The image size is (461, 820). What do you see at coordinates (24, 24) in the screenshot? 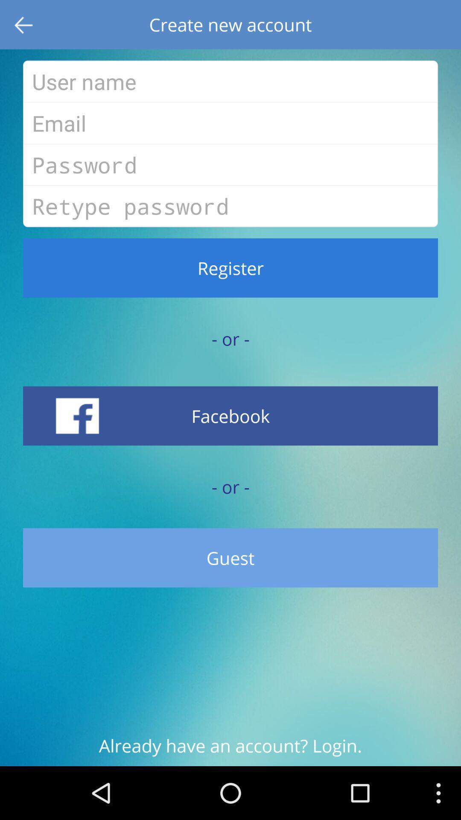
I see `go back` at bounding box center [24, 24].